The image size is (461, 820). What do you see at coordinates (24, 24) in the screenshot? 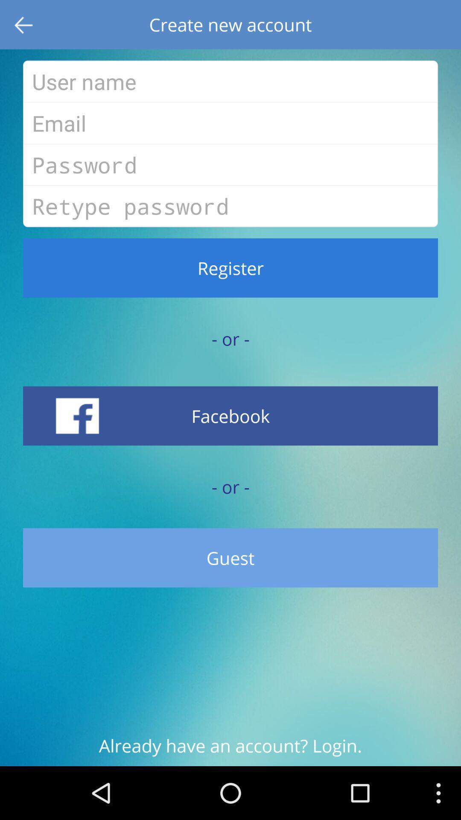
I see `go back` at bounding box center [24, 24].